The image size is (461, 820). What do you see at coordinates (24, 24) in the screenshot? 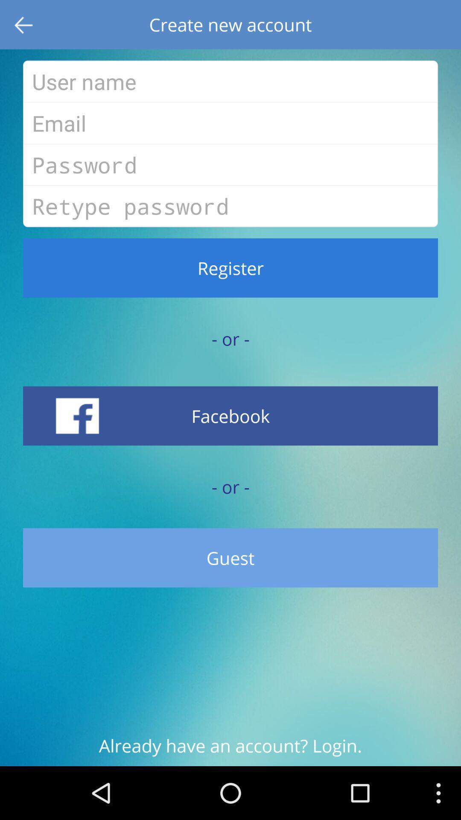
I see `go back` at bounding box center [24, 24].